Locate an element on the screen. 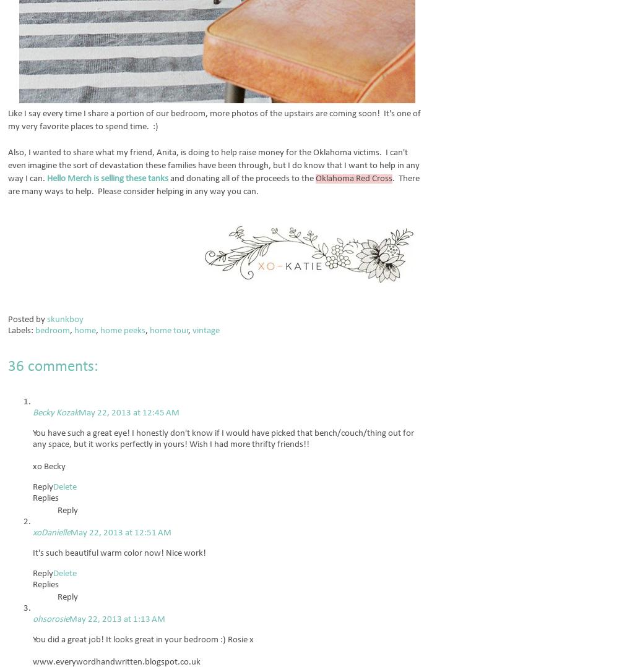 The width and height of the screenshot is (627, 667). 'skunkboy' is located at coordinates (46, 319).